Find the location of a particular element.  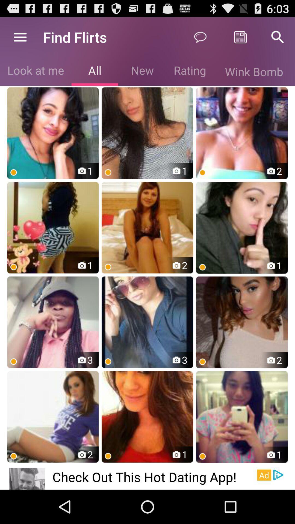

the icon to the left of the check out this app is located at coordinates (27, 478).